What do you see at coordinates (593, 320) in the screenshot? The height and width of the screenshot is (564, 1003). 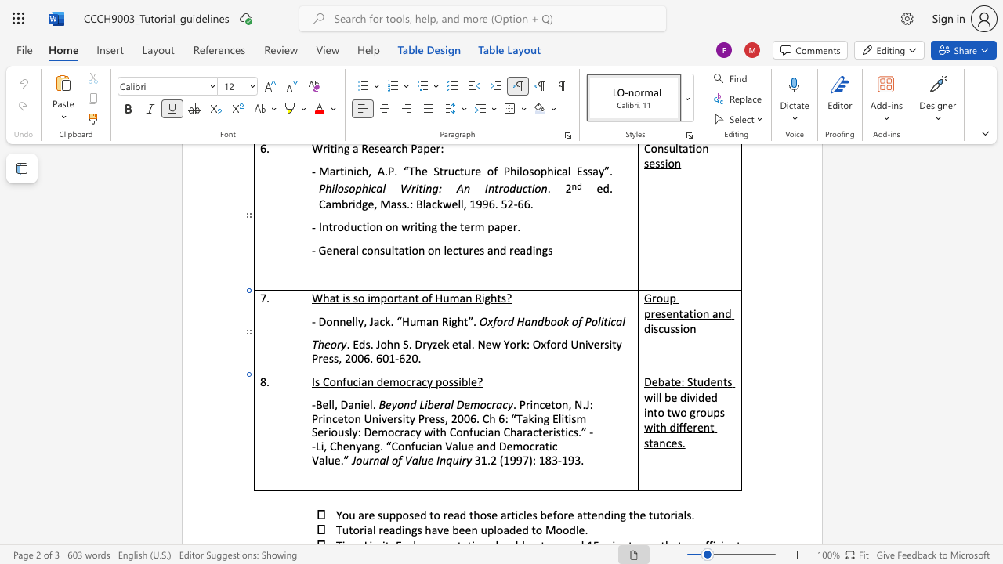 I see `the 5th character "o" in the text` at bounding box center [593, 320].